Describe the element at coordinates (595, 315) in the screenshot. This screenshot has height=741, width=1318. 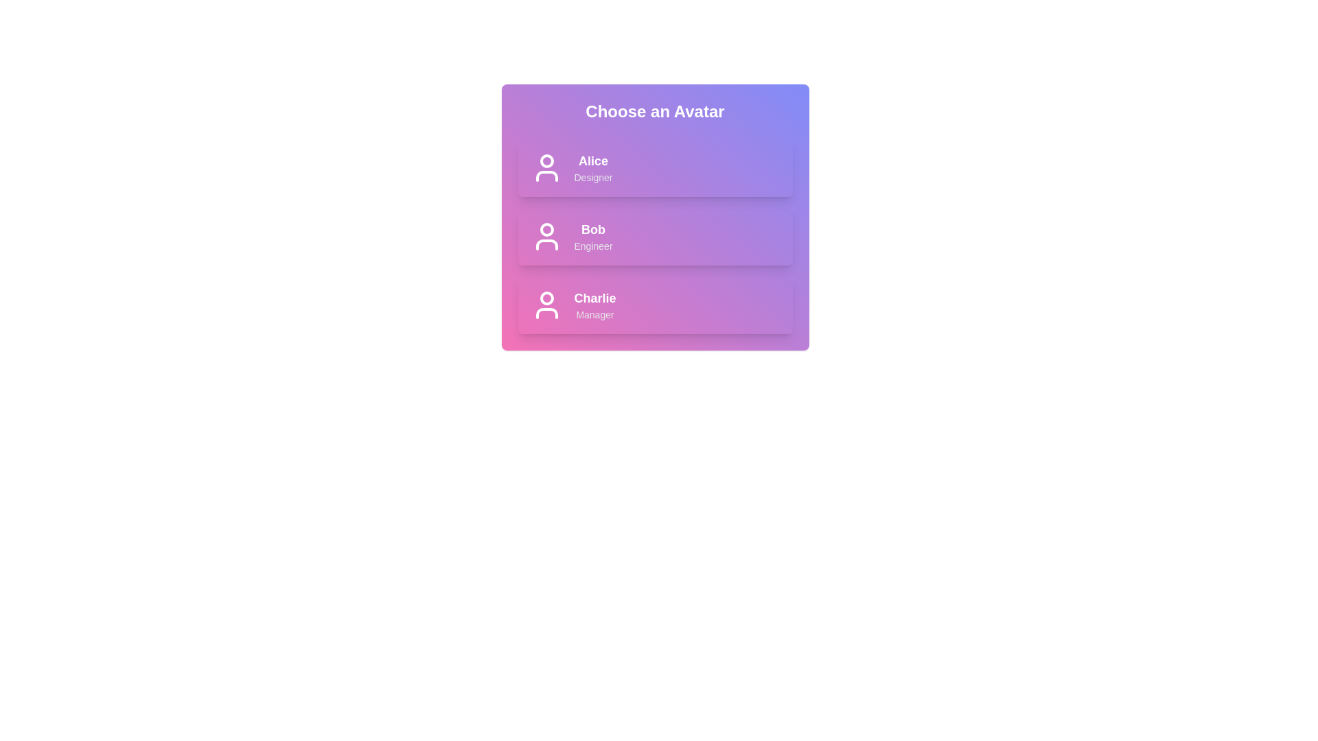
I see `the Text Label that displays the role or title associated with the user 'Charlie,' located below the name 'Charlie' in the user profile card` at that location.